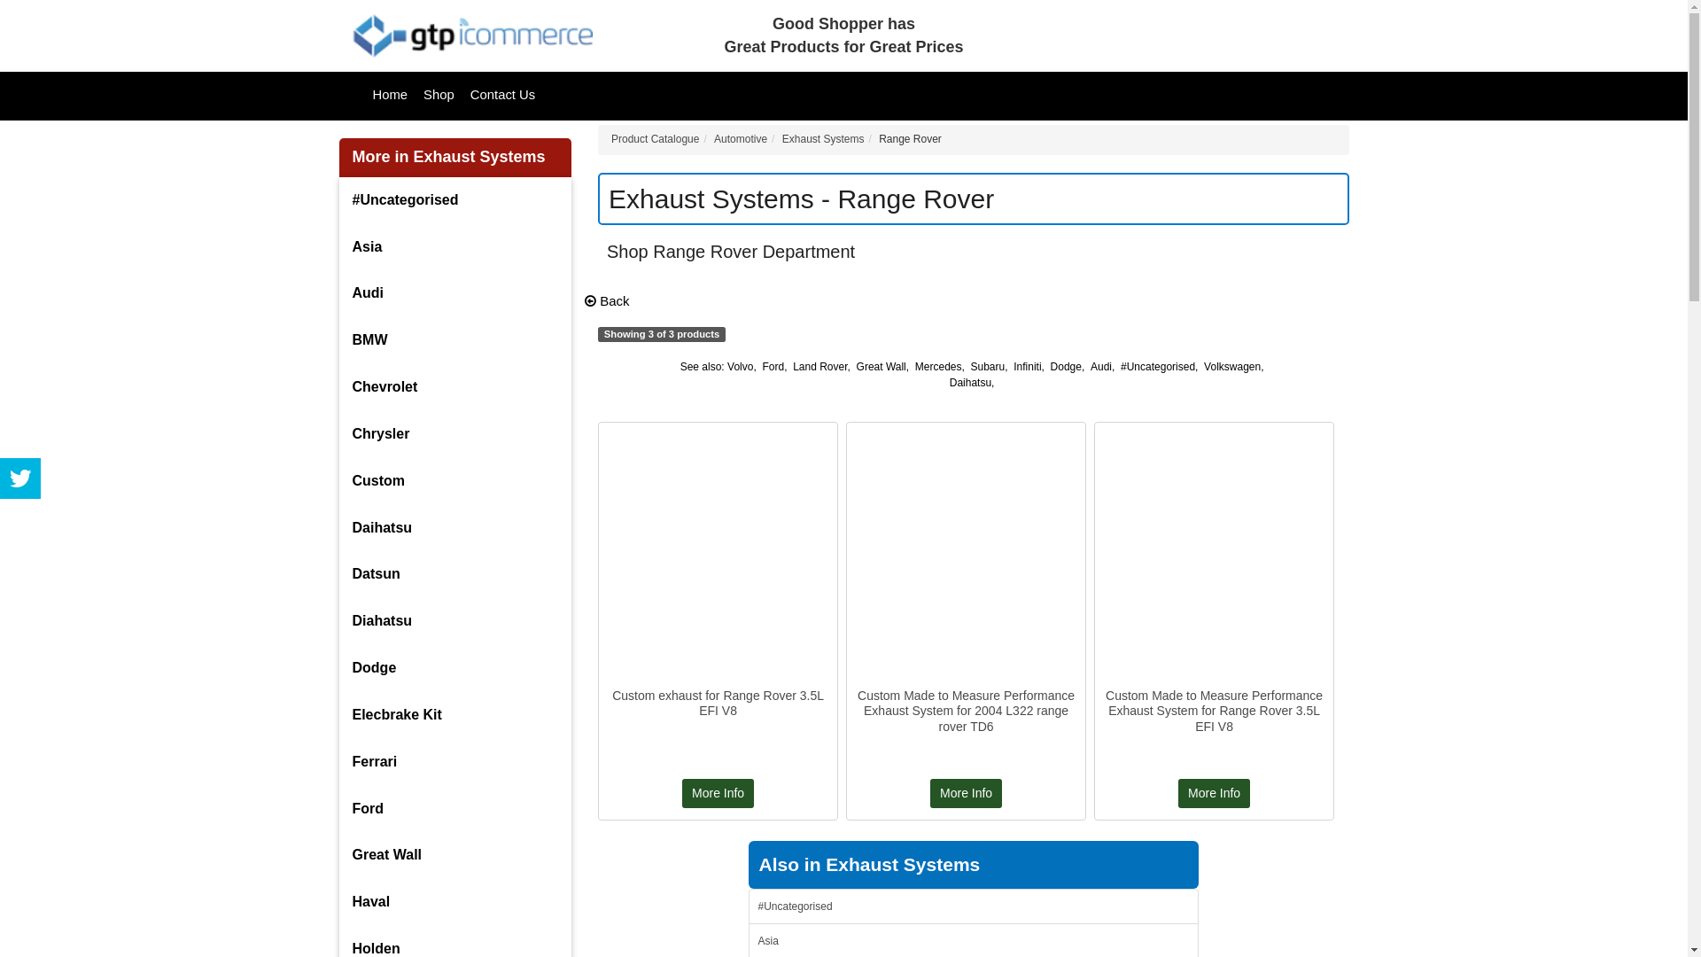 Image resolution: width=1701 pixels, height=957 pixels. Describe the element at coordinates (338, 434) in the screenshot. I see `'Chrysler'` at that location.